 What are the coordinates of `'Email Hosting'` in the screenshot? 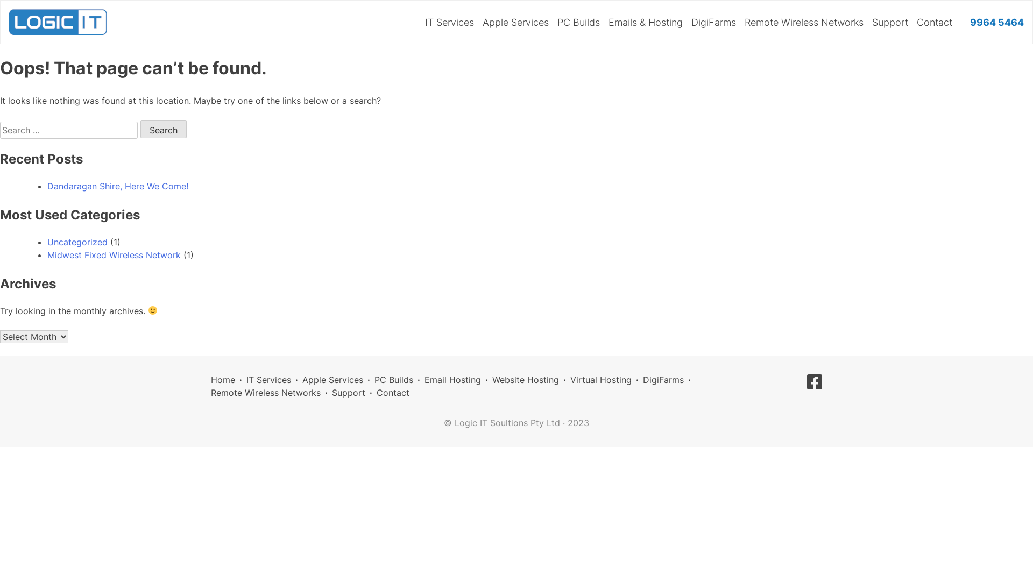 It's located at (423, 379).